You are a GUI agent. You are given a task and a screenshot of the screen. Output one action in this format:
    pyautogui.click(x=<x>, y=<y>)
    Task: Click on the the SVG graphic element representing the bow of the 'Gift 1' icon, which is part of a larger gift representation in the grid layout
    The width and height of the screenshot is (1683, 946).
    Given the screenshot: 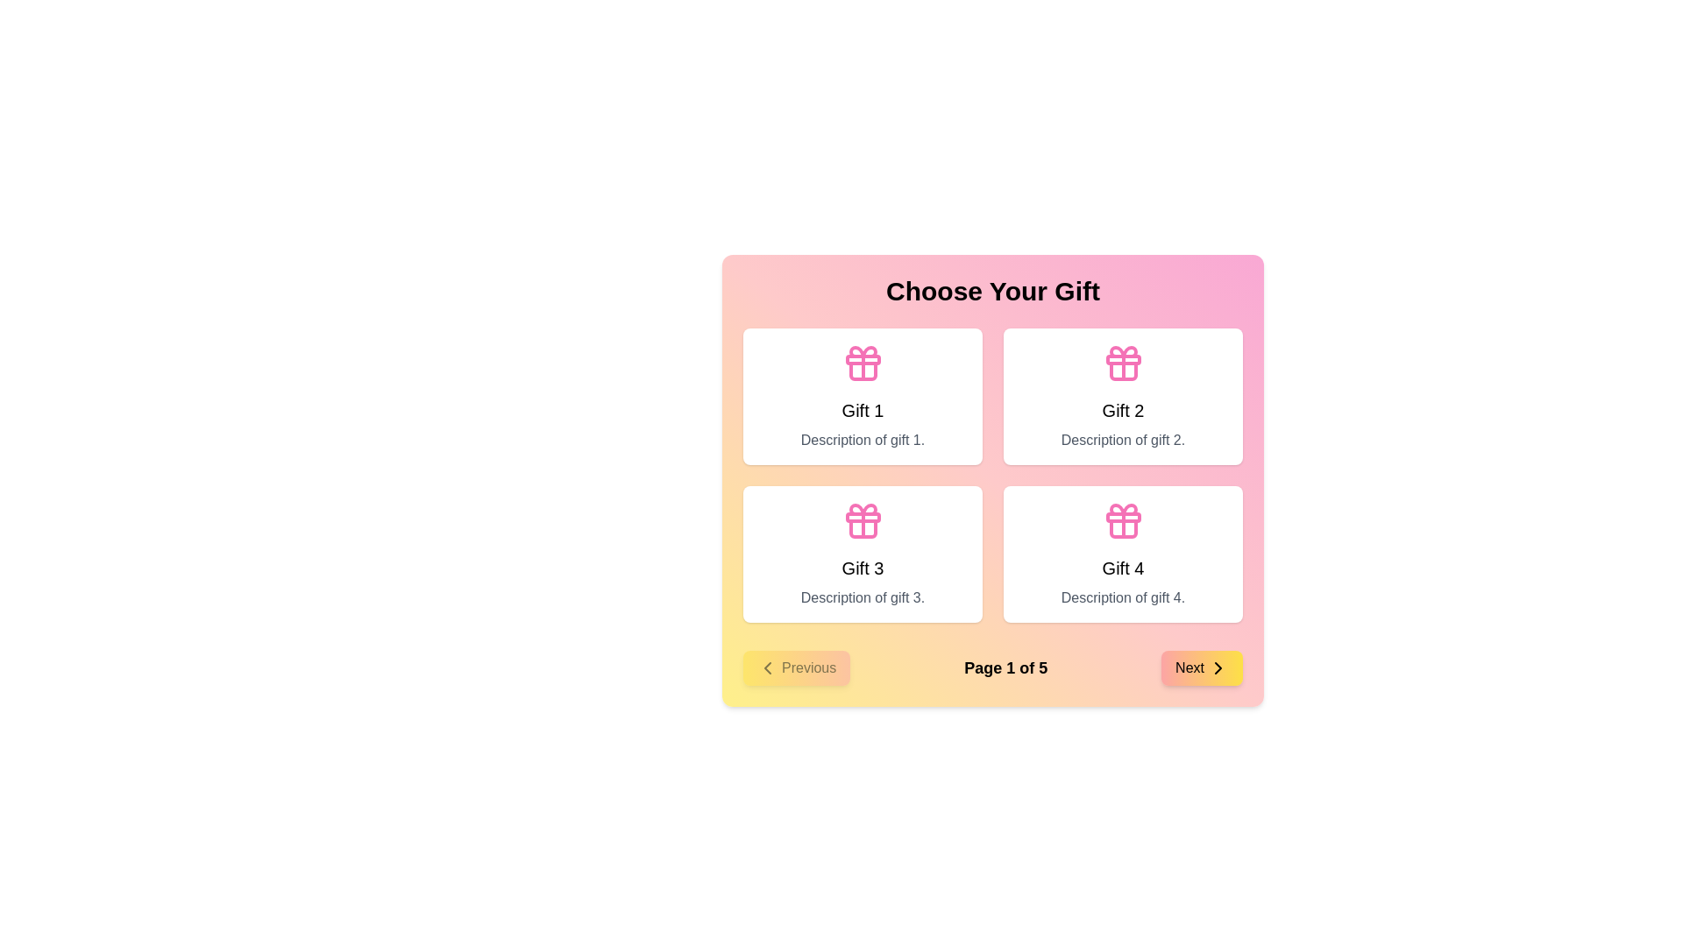 What is the action you would take?
    pyautogui.click(x=863, y=351)
    